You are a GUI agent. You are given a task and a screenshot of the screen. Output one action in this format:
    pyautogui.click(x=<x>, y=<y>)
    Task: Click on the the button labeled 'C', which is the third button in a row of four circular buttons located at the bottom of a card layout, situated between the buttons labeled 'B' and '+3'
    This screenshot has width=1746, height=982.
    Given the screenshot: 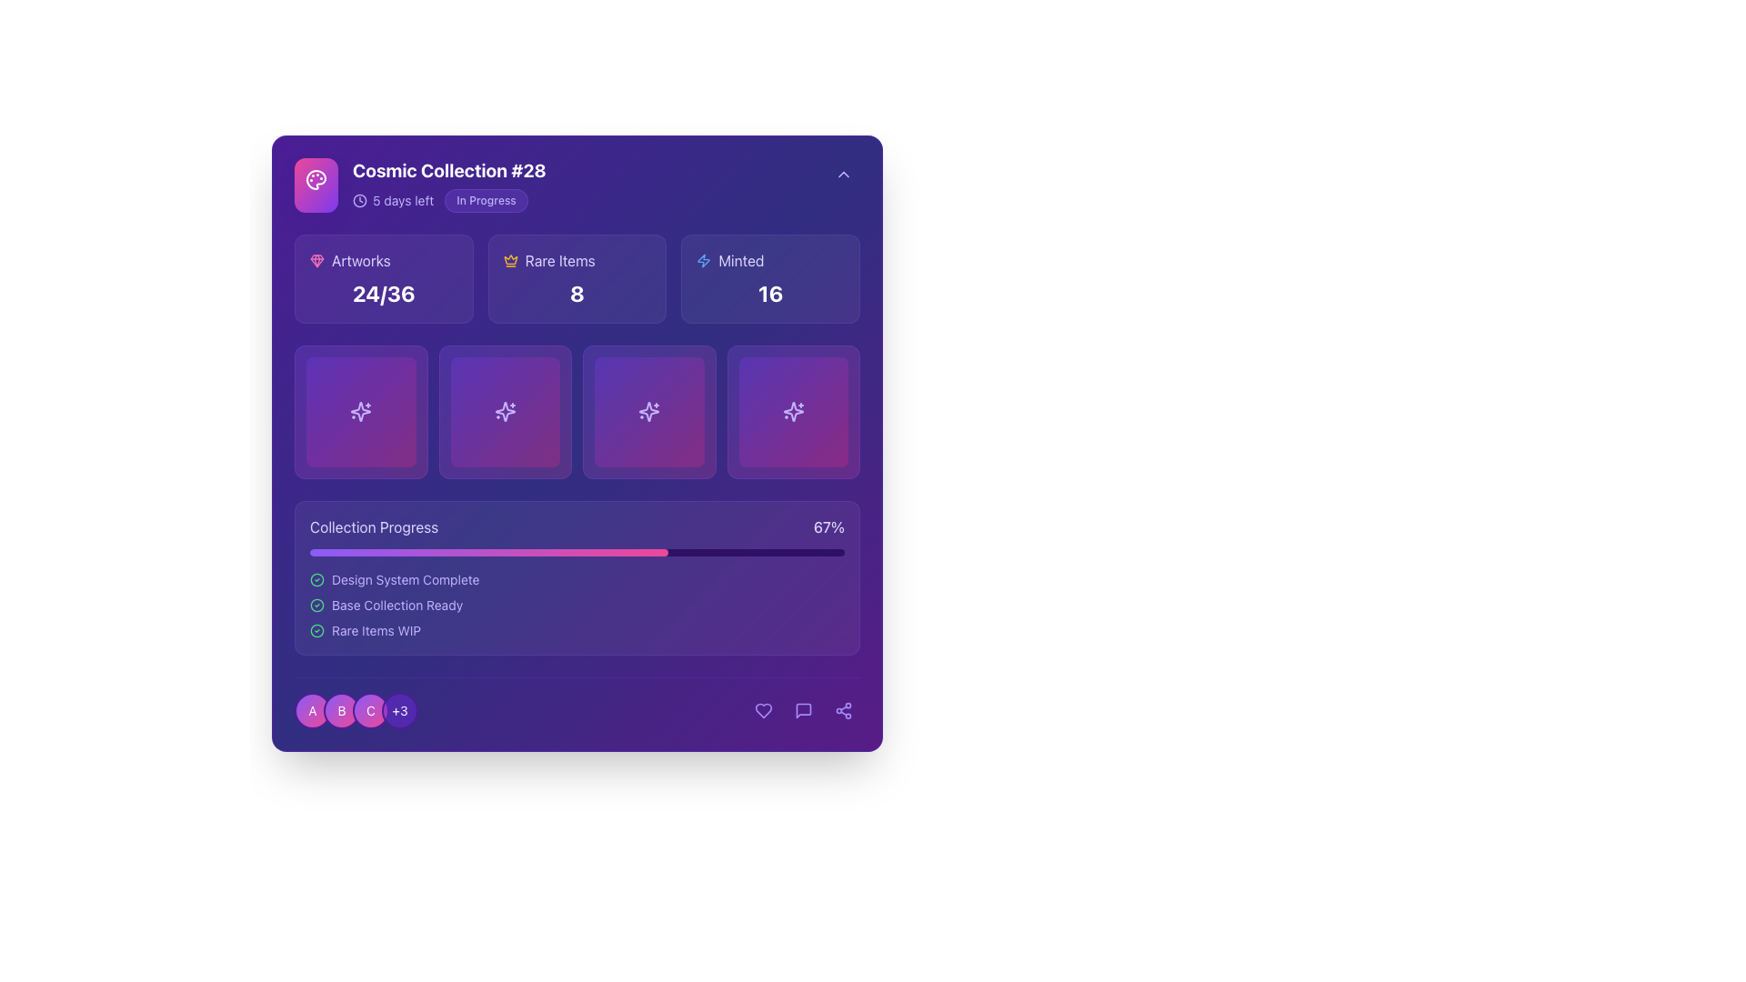 What is the action you would take?
    pyautogui.click(x=370, y=709)
    